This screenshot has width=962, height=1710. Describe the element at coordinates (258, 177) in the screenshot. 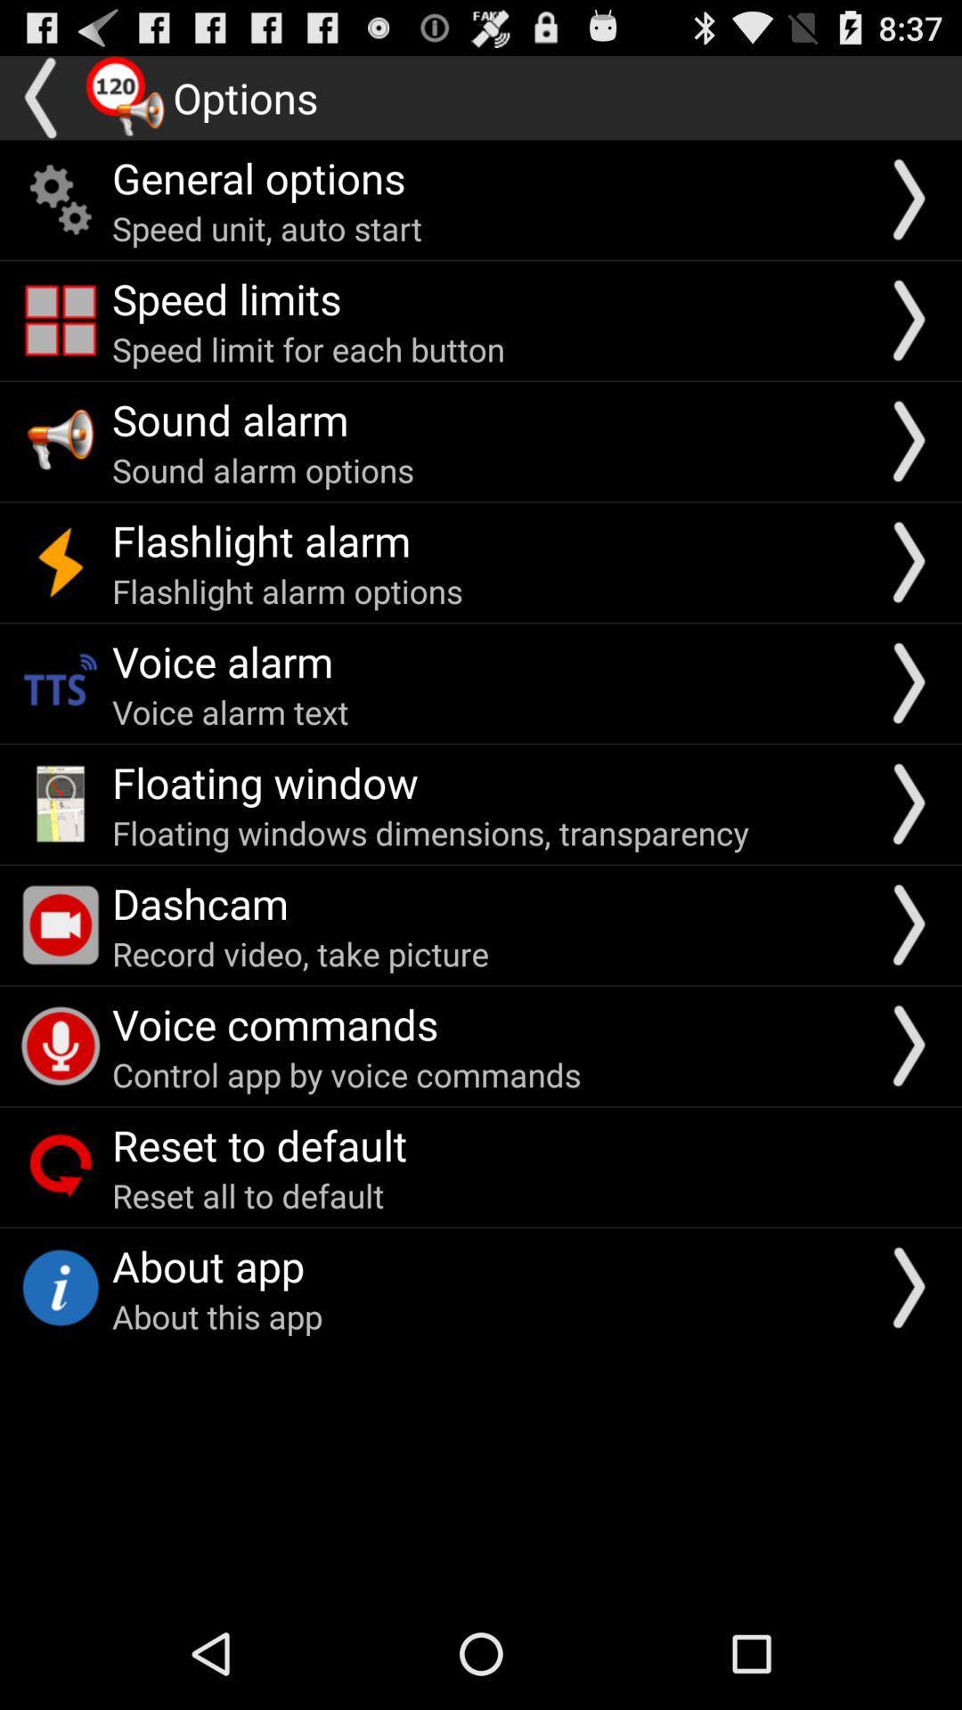

I see `general options icon` at that location.